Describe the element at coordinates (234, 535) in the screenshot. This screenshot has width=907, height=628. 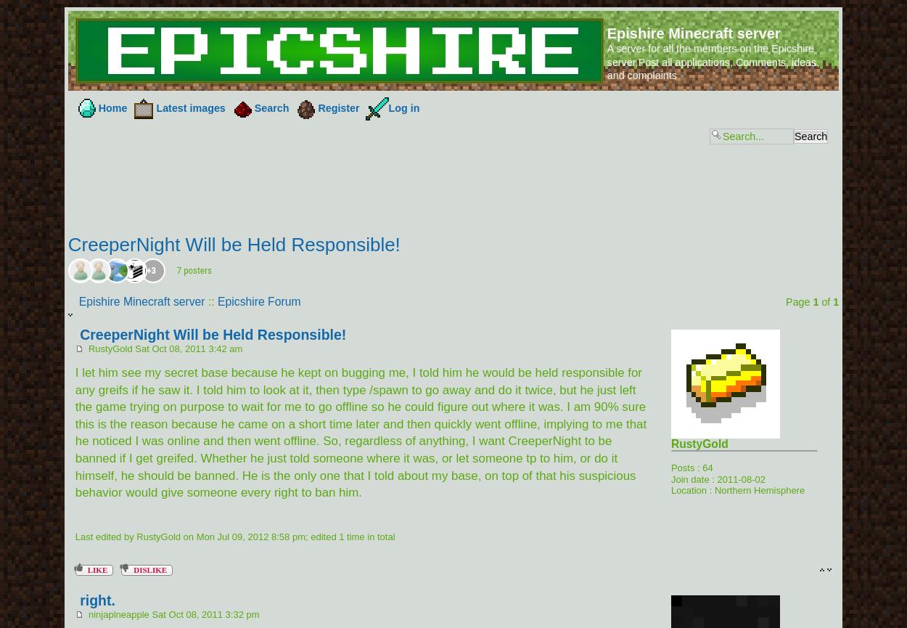
I see `'Last edited by RustyGold on Mon Jul 09, 2012 8:58 pm; edited 1 time in total'` at that location.